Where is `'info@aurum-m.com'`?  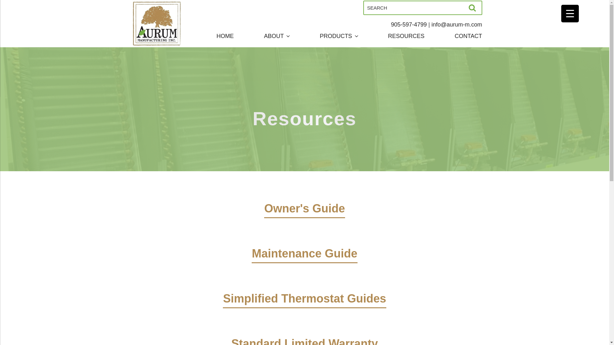 'info@aurum-m.com' is located at coordinates (456, 24).